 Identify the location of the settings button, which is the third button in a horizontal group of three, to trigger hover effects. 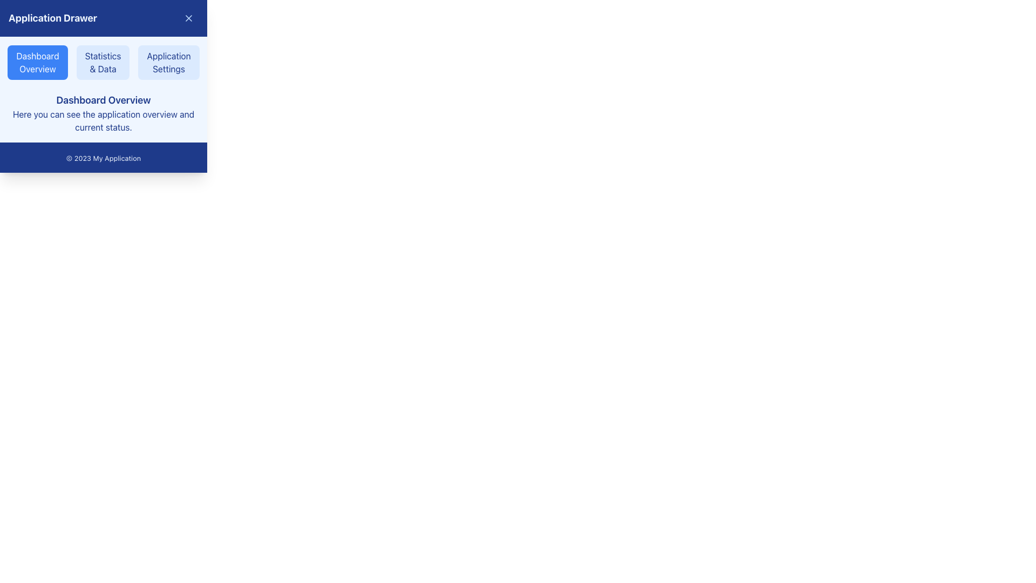
(168, 62).